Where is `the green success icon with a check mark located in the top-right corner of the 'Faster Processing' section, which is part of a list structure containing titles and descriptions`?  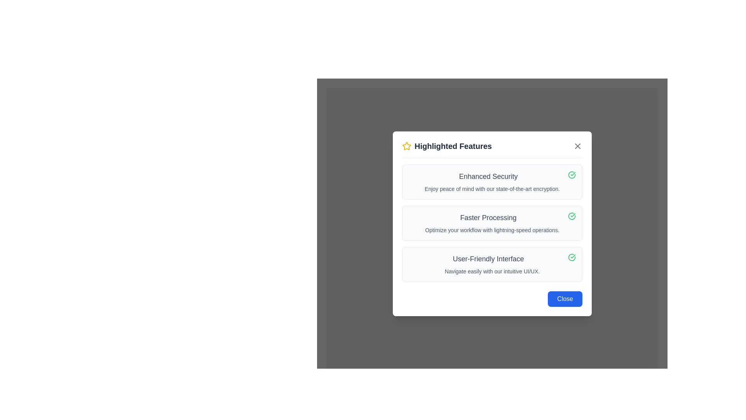
the green success icon with a check mark located in the top-right corner of the 'Faster Processing' section, which is part of a list structure containing titles and descriptions is located at coordinates (572, 216).